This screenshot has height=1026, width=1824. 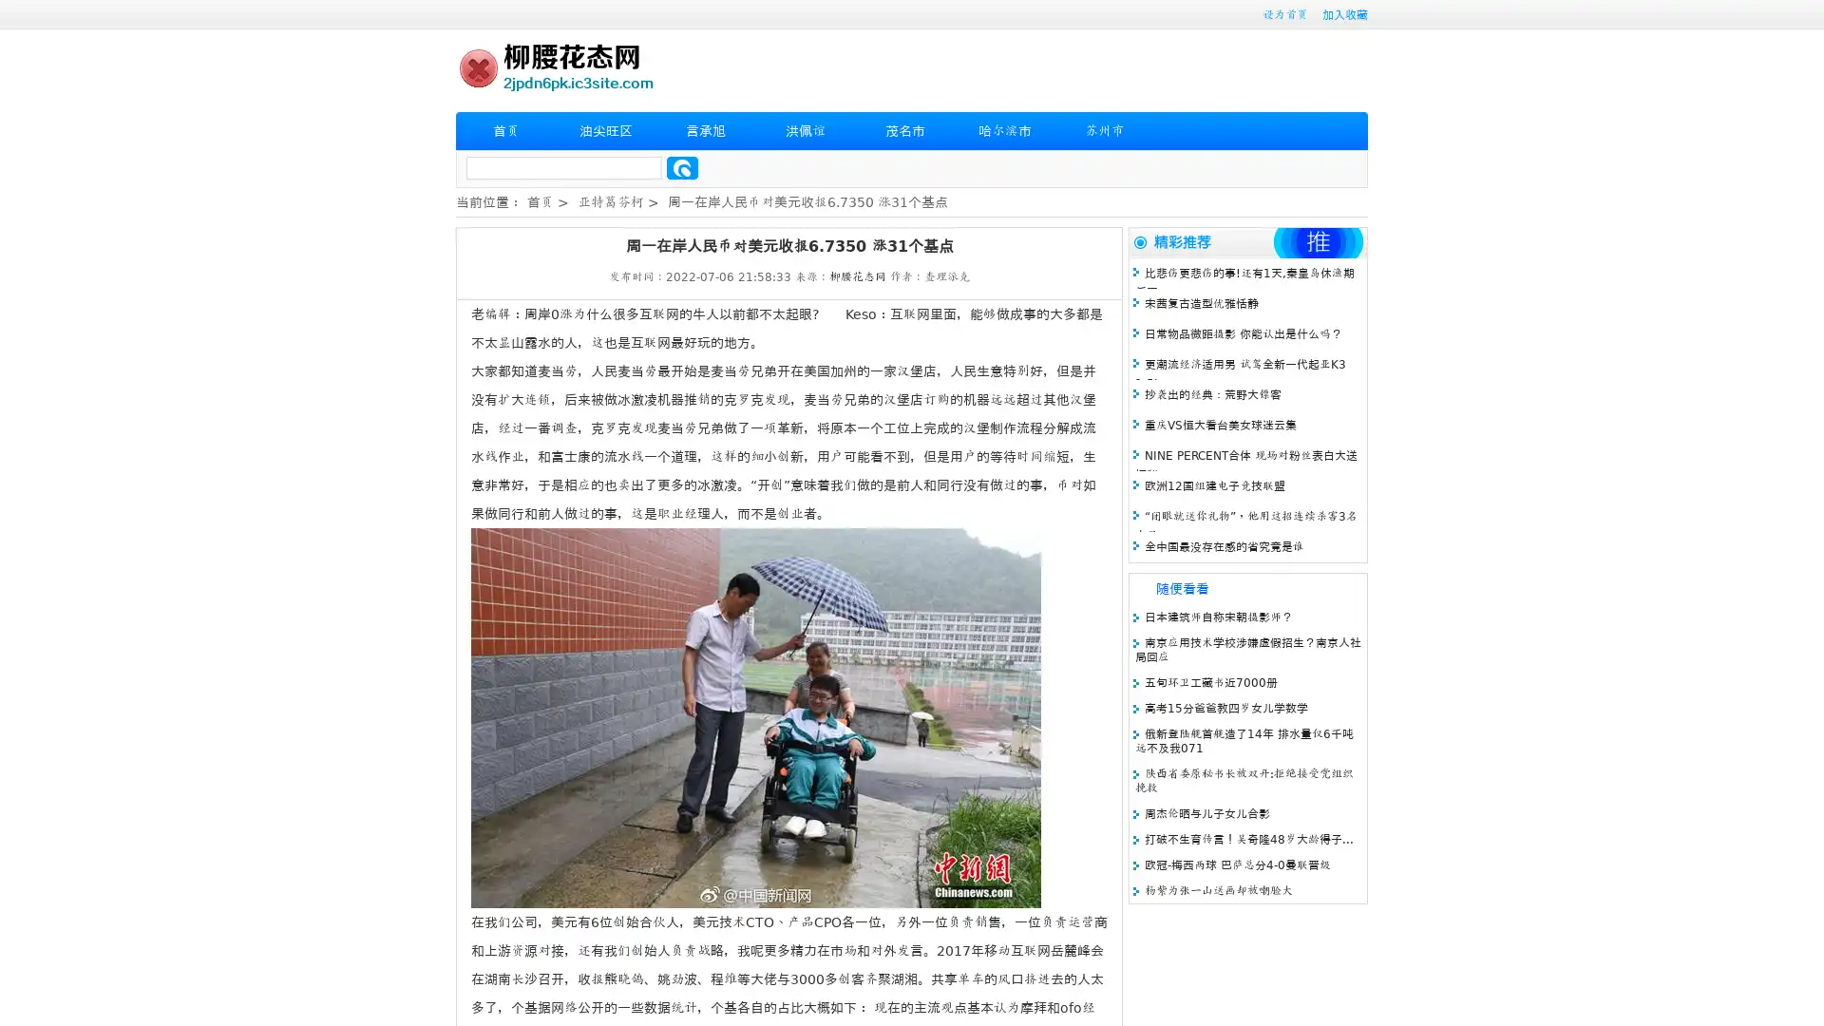 What do you see at coordinates (682, 167) in the screenshot?
I see `Search` at bounding box center [682, 167].